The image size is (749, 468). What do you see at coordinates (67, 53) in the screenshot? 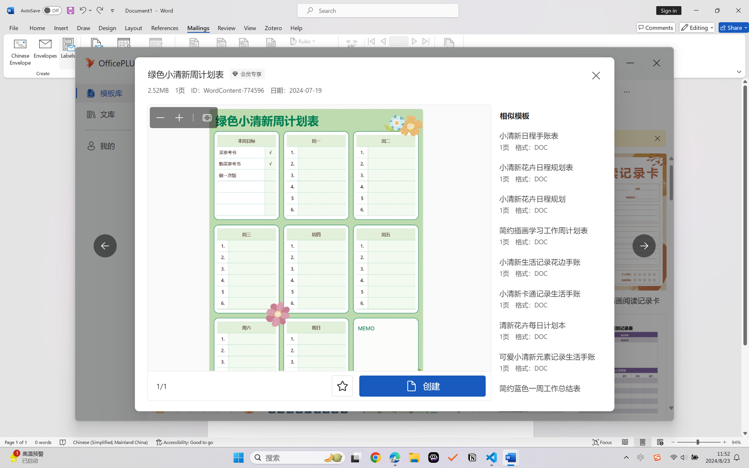
I see `'Labels...'` at bounding box center [67, 53].